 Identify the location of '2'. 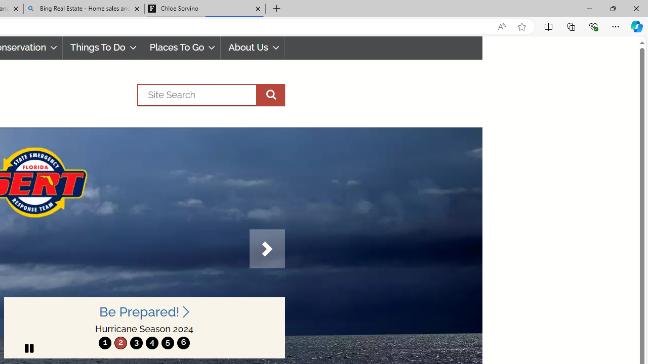
(120, 342).